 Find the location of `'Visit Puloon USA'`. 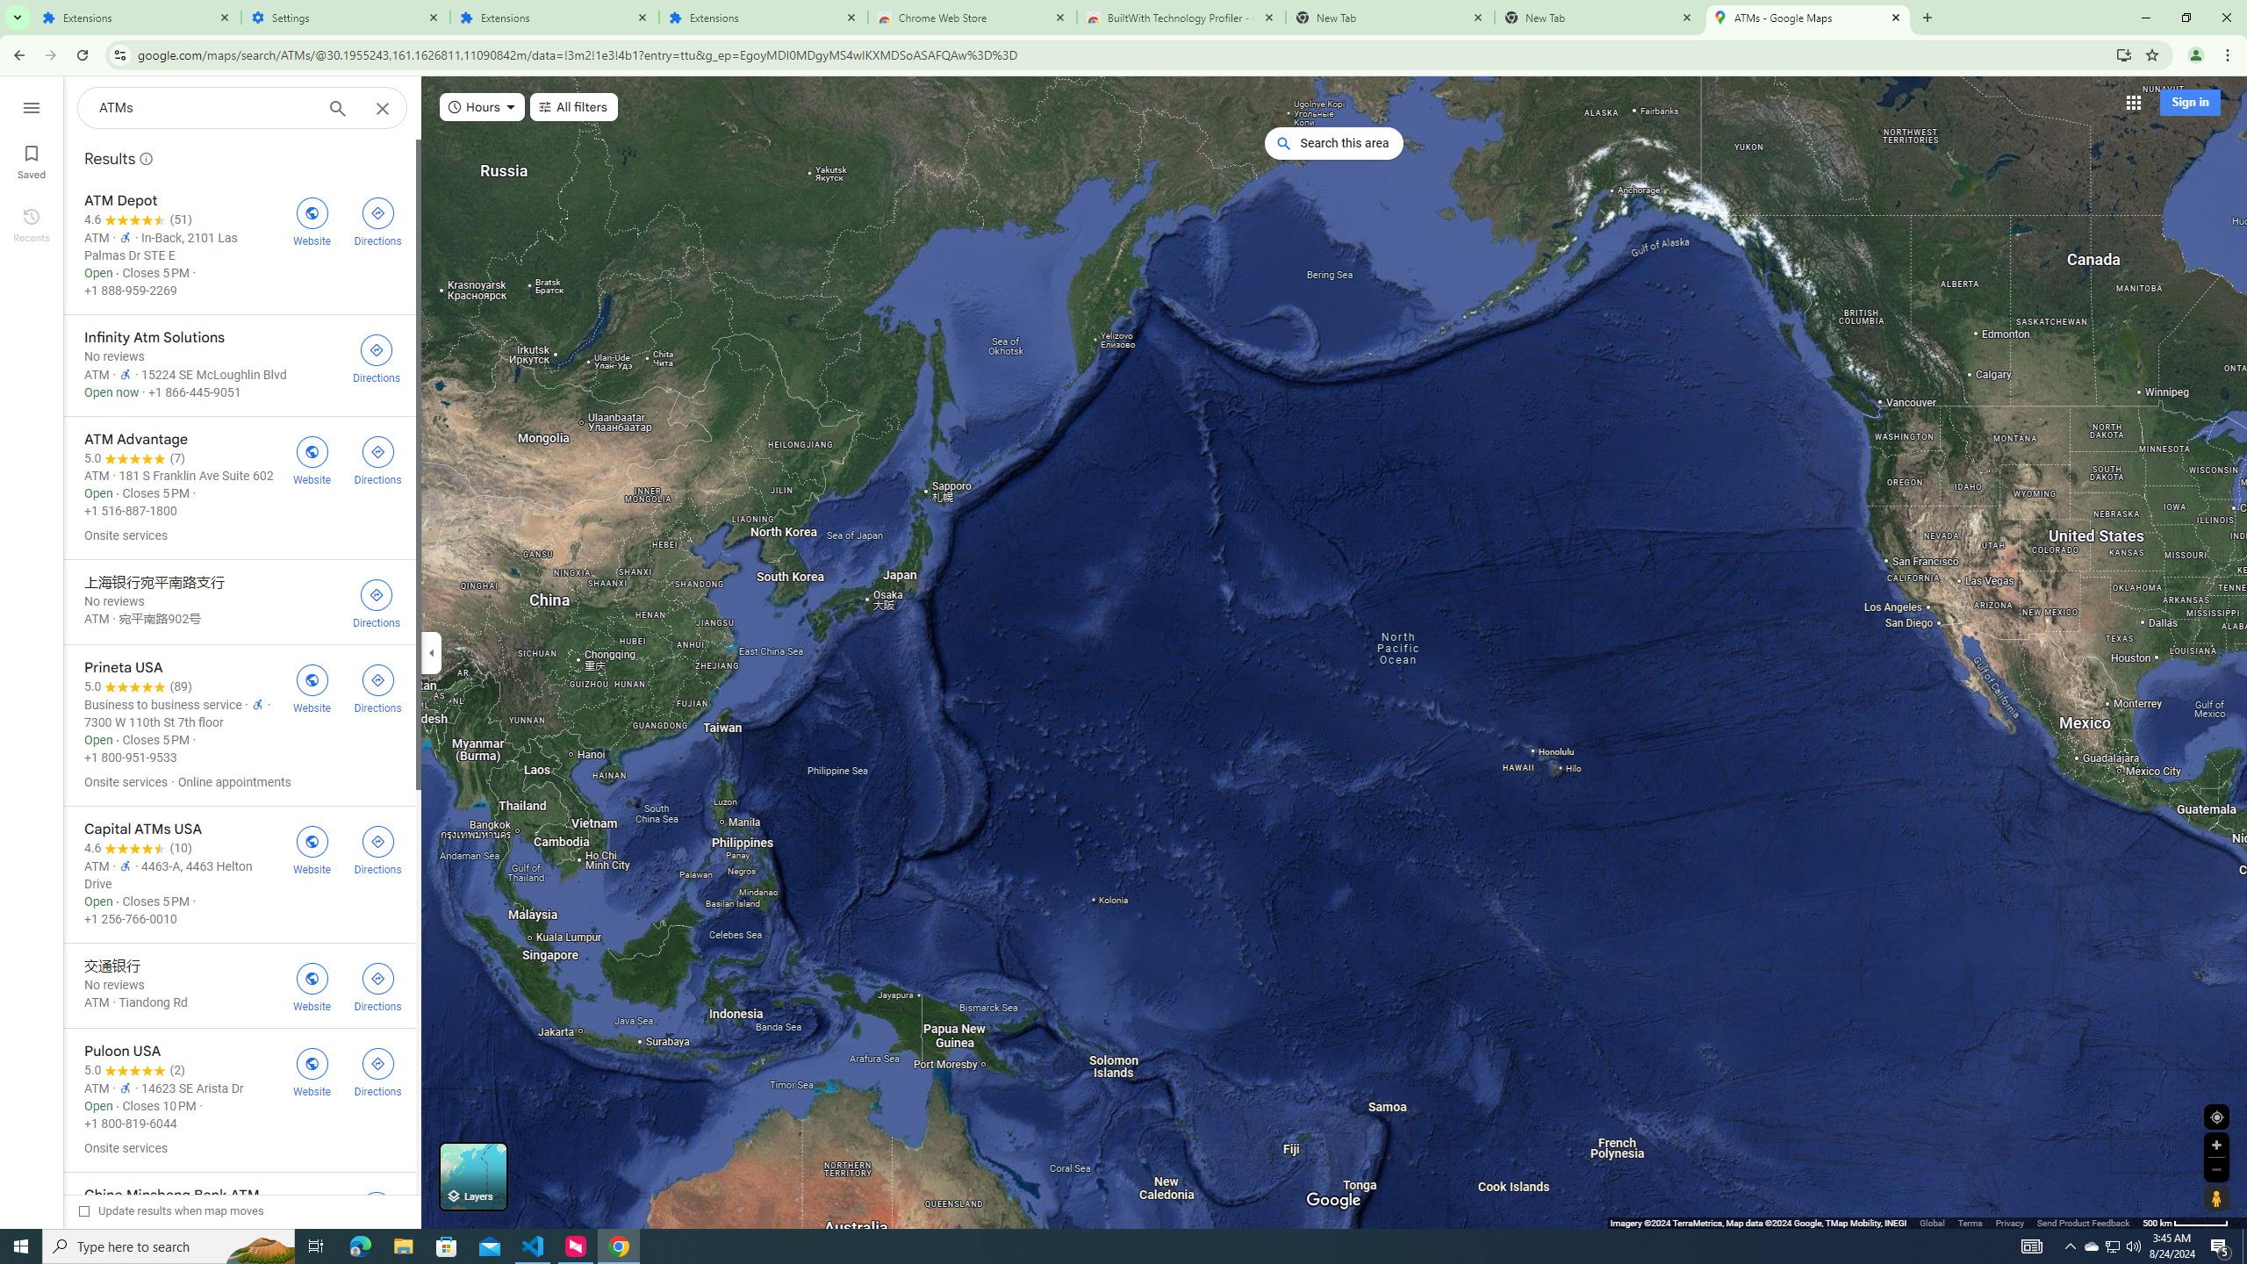

'Visit Puloon USA' is located at coordinates (311, 1069).